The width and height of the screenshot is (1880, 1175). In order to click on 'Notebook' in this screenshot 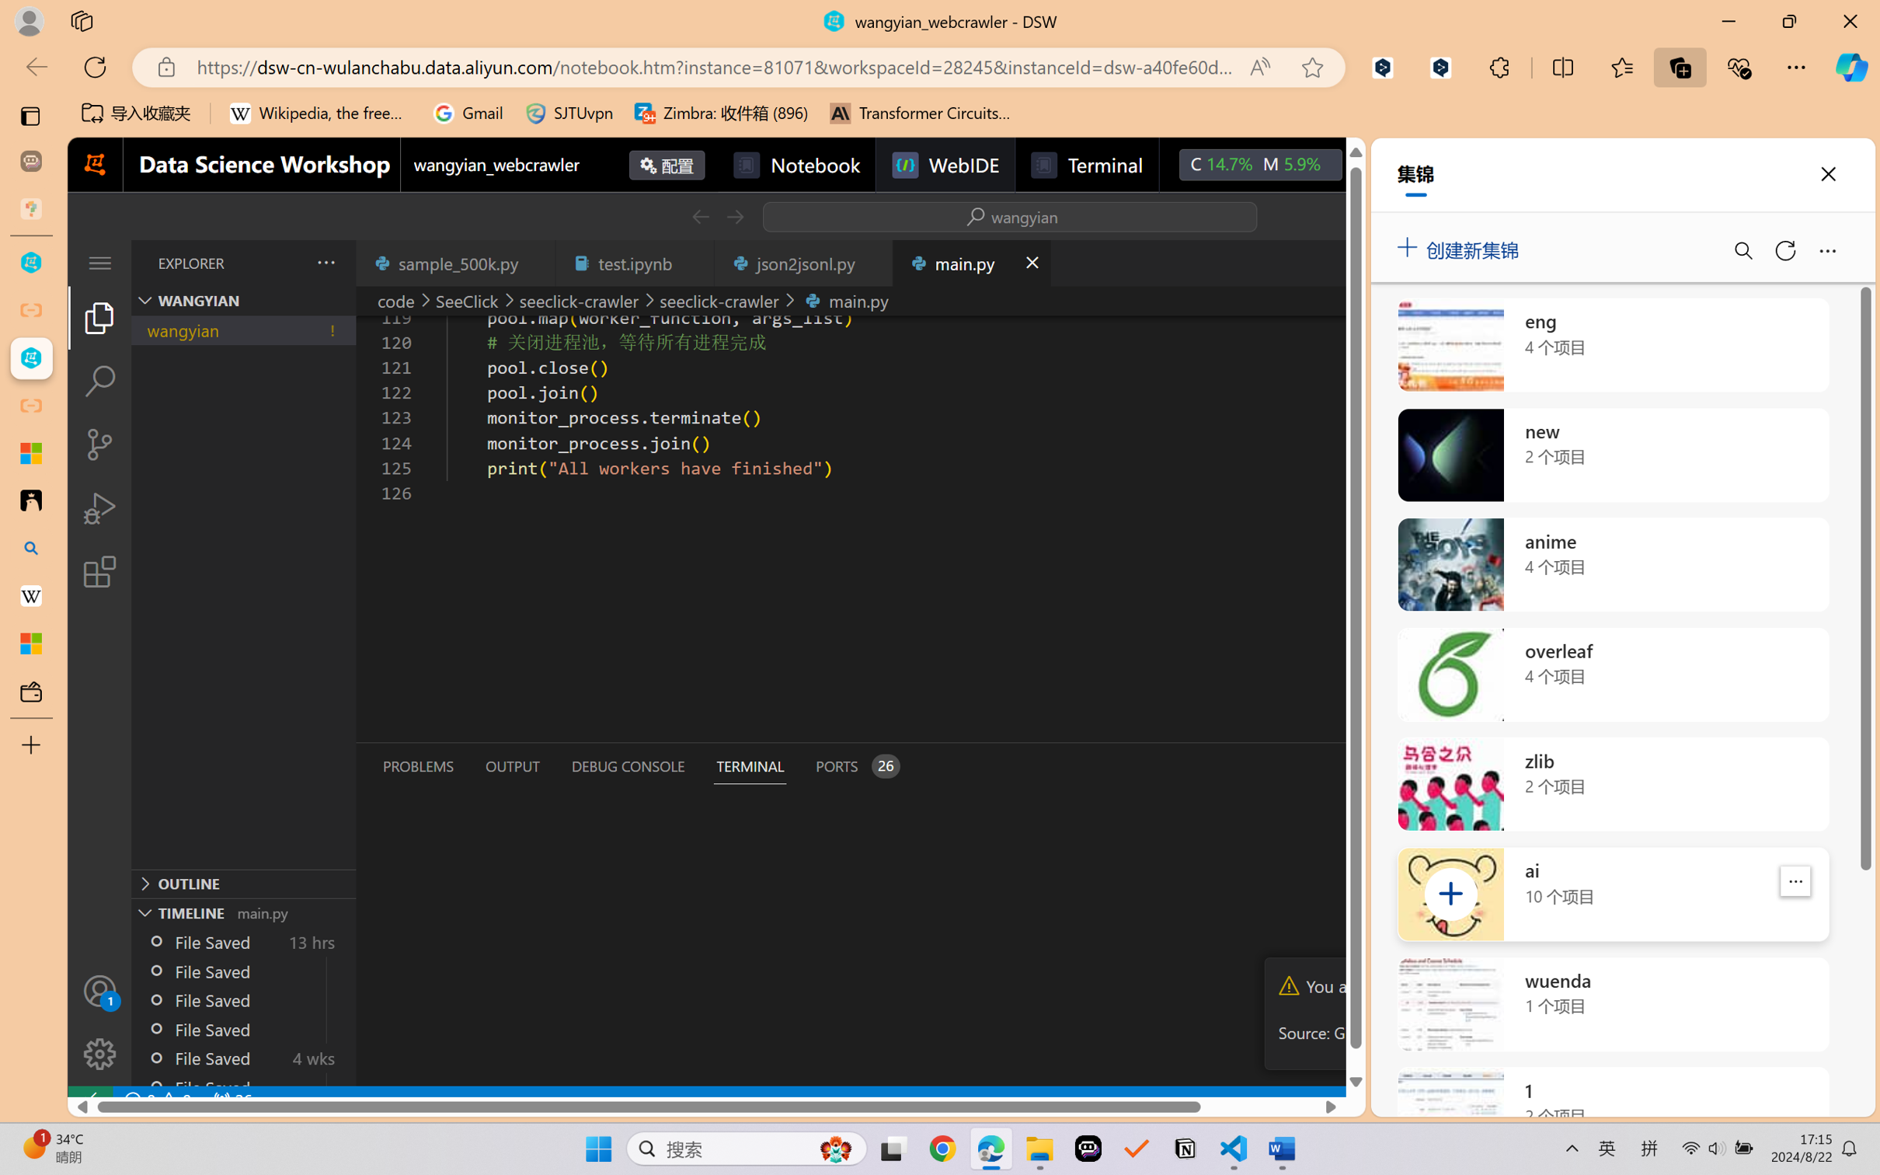, I will do `click(796, 164)`.